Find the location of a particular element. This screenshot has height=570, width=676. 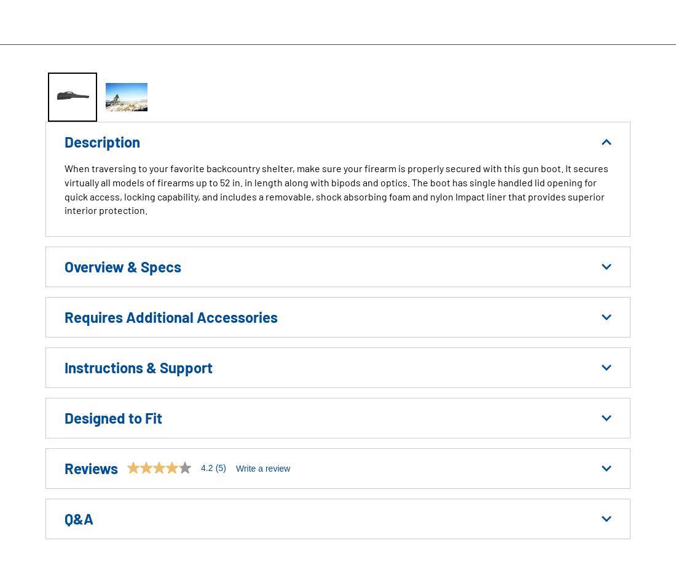

'Overview & Specs' is located at coordinates (65, 266).